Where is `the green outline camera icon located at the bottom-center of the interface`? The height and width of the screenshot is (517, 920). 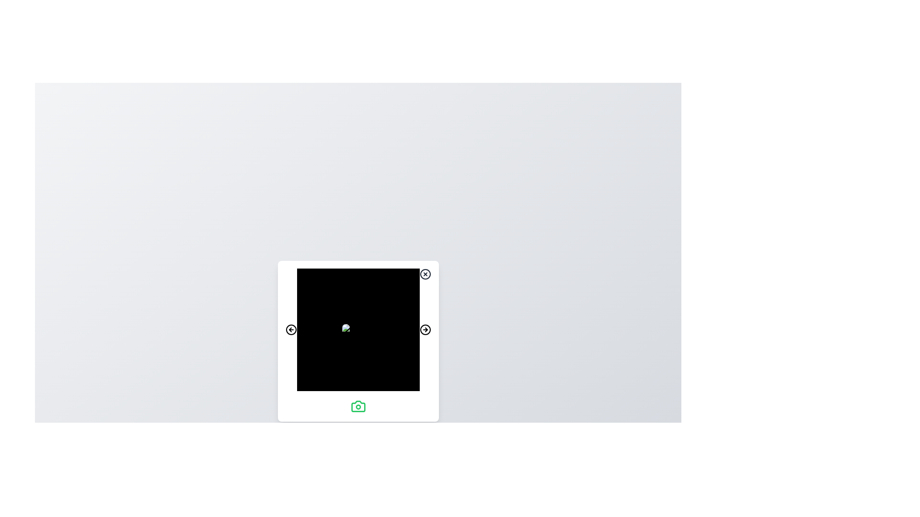 the green outline camera icon located at the bottom-center of the interface is located at coordinates (357, 406).